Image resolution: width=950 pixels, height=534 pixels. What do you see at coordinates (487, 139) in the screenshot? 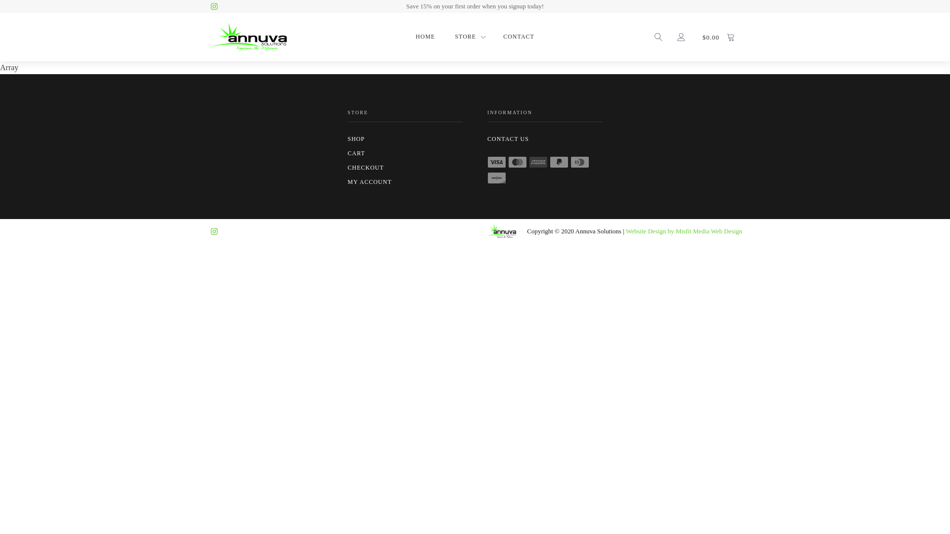
I see `'CONTACT US'` at bounding box center [487, 139].